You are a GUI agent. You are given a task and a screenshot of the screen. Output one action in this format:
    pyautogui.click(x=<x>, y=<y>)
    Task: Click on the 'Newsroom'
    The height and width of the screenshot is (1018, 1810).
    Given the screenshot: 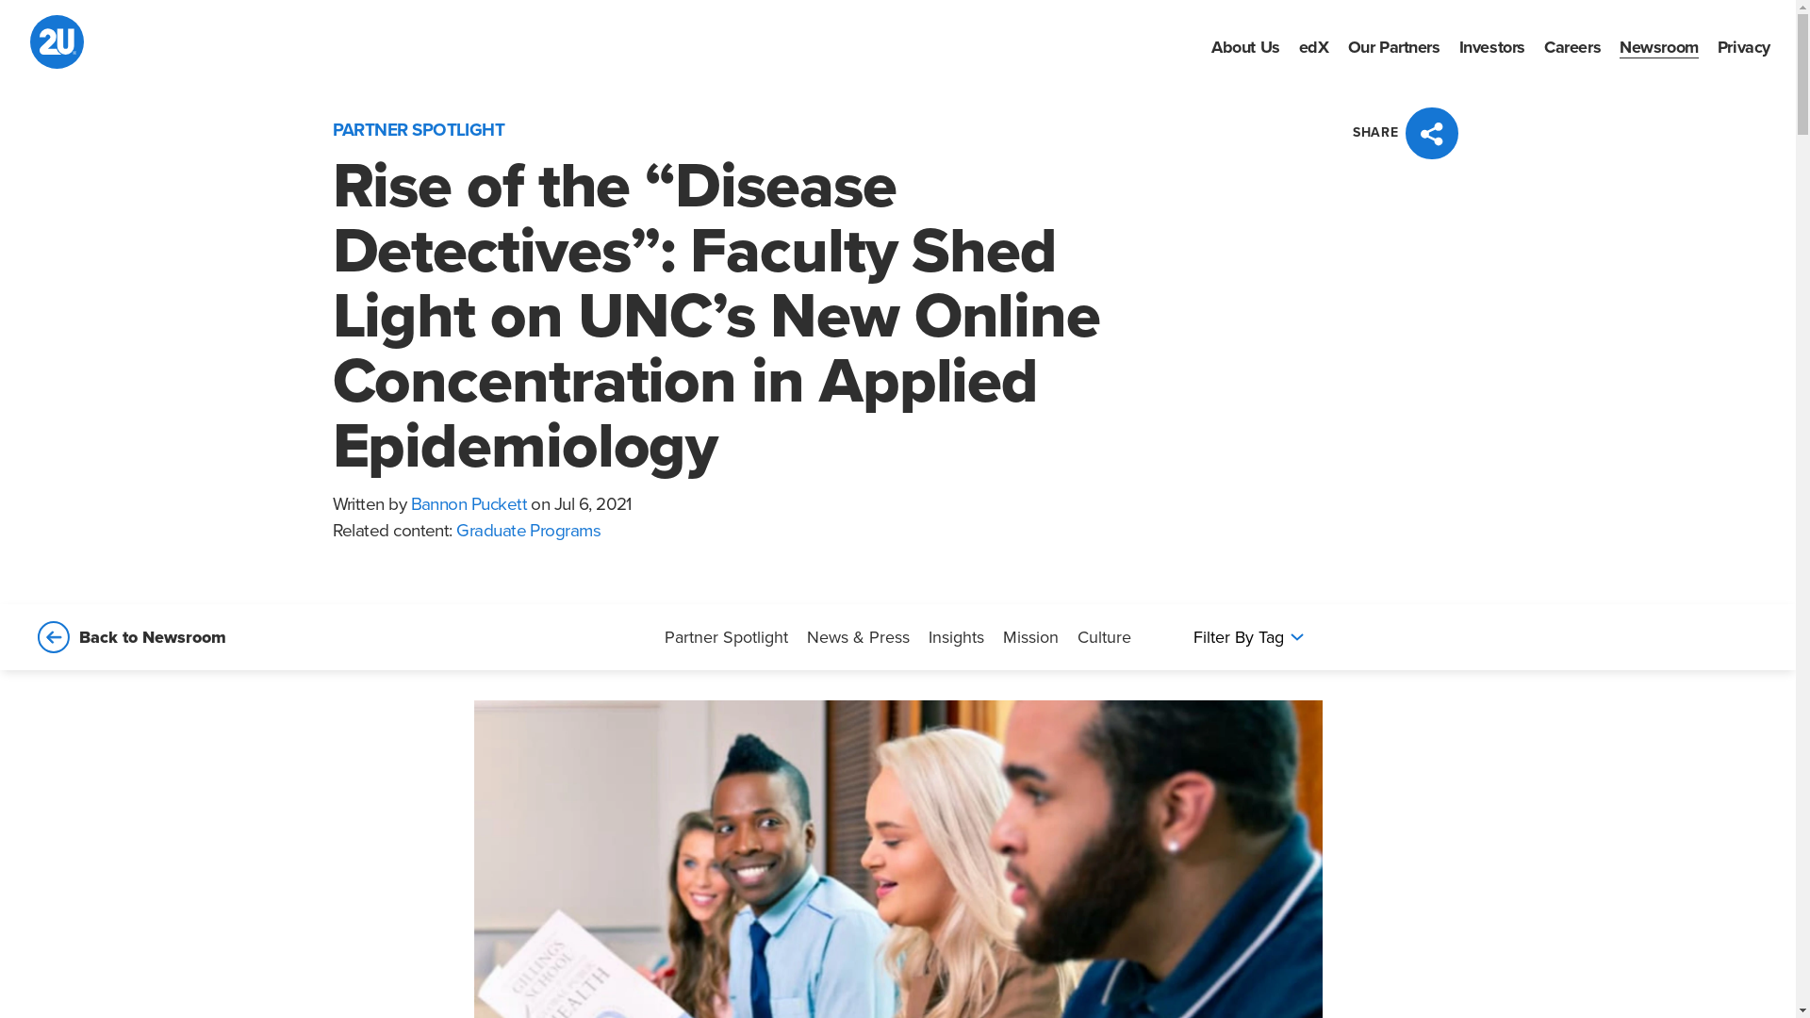 What is the action you would take?
    pyautogui.click(x=1659, y=45)
    